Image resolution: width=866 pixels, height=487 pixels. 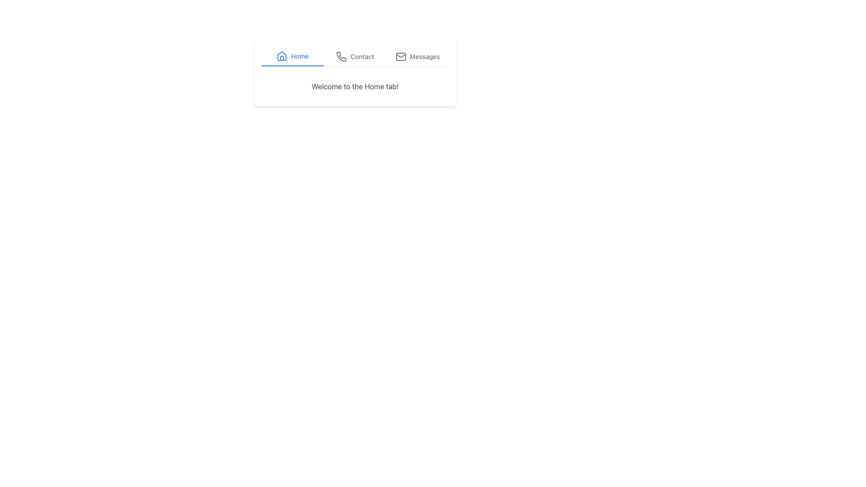 I want to click on the phone-shaped vector icon located in the second position from the left in the navigation row, so click(x=341, y=56).